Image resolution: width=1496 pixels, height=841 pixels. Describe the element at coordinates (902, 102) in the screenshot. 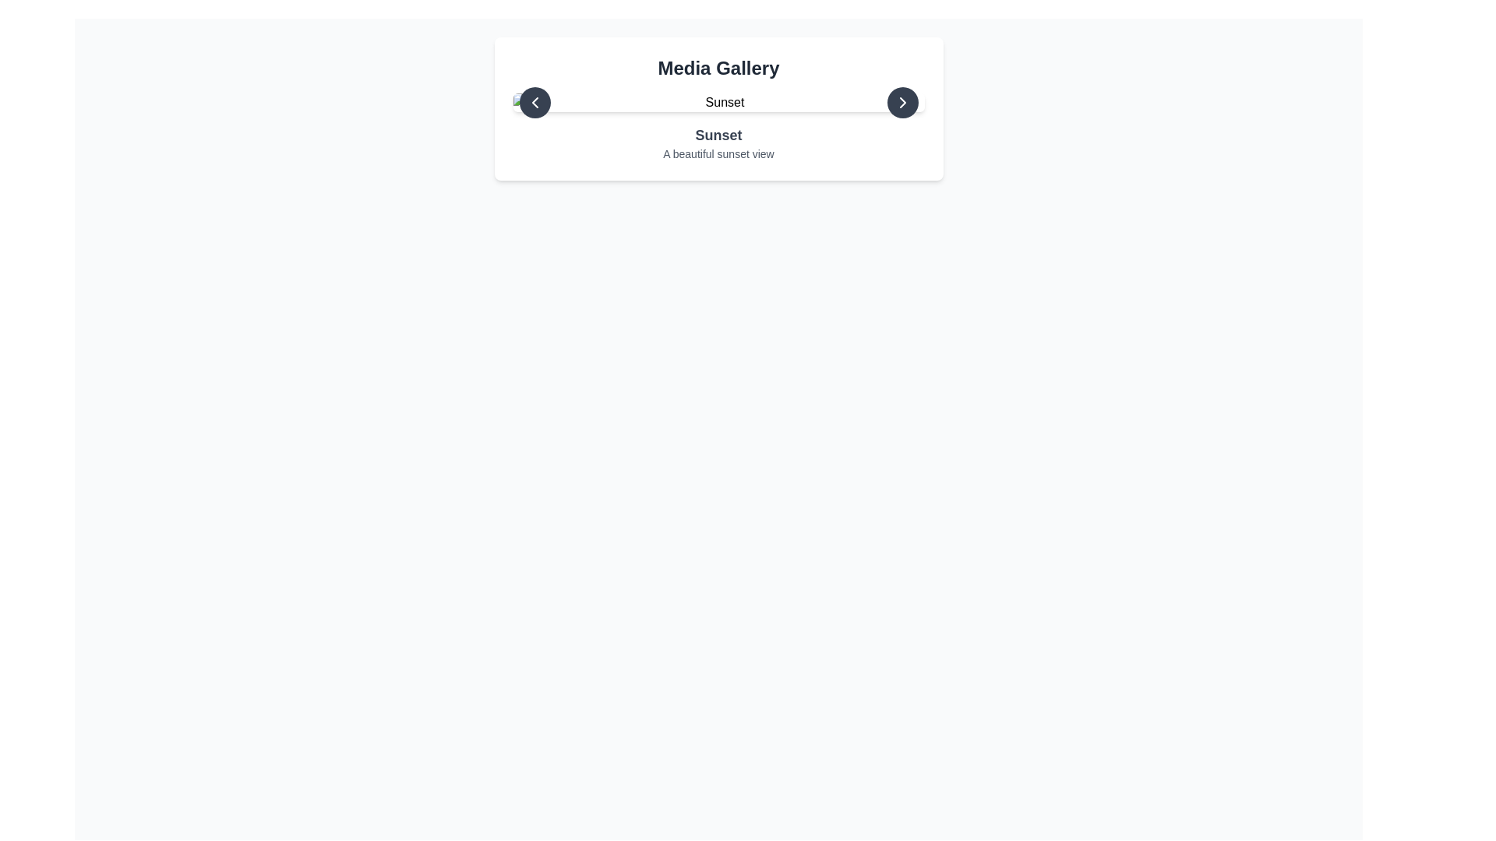

I see `the circular button with a dark-gray background and a white chevron icon pointing to the right` at that location.